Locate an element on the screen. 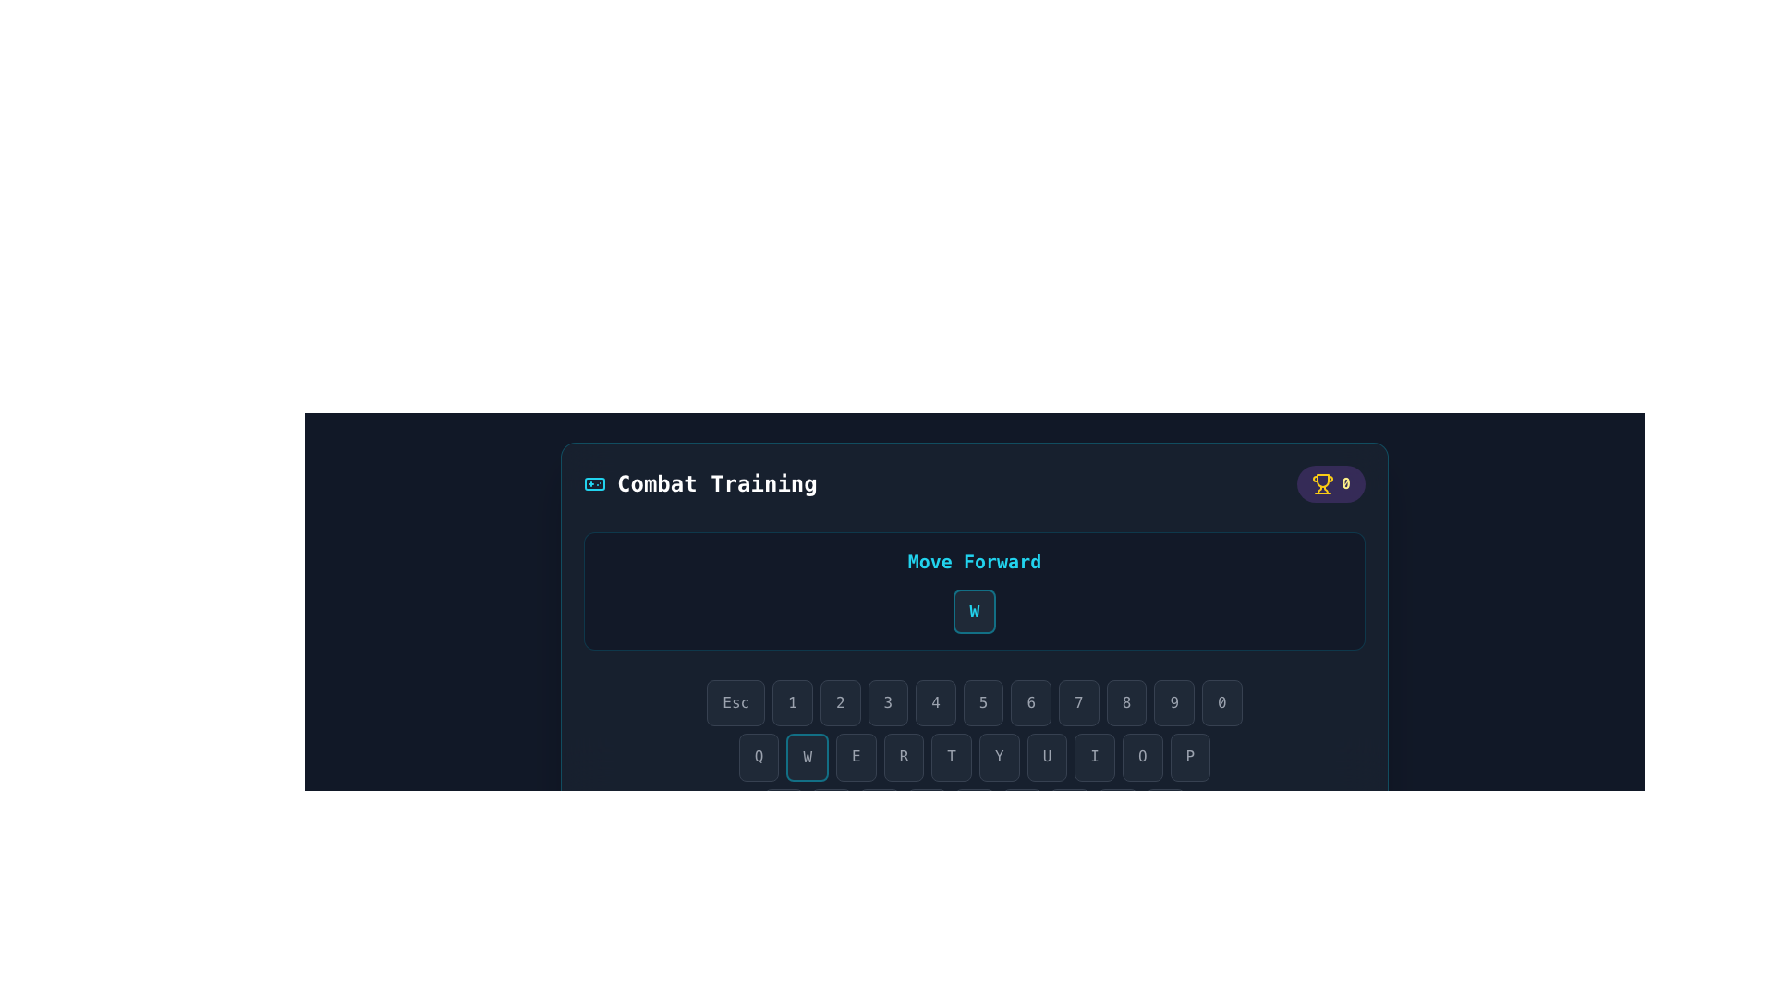  the button labeled '7' in the virtual keyboard to observe its hover effects is located at coordinates (1078, 702).